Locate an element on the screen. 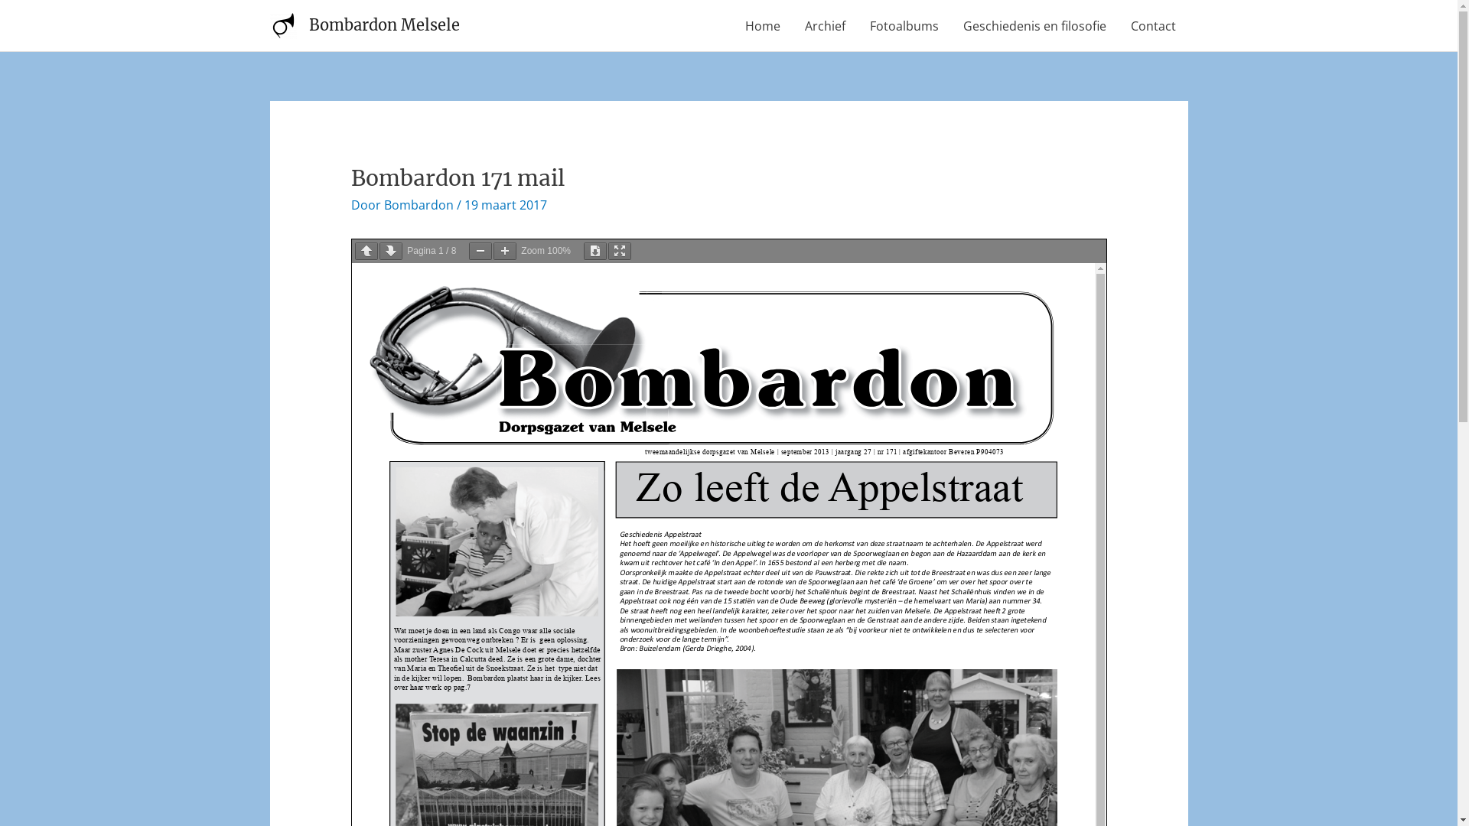 The image size is (1469, 826). 'Volledig scherm' is located at coordinates (607, 250).